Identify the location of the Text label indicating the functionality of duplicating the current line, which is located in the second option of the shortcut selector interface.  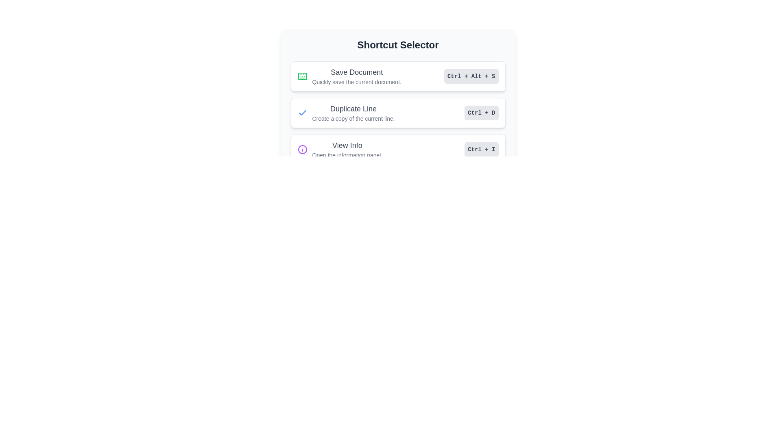
(346, 113).